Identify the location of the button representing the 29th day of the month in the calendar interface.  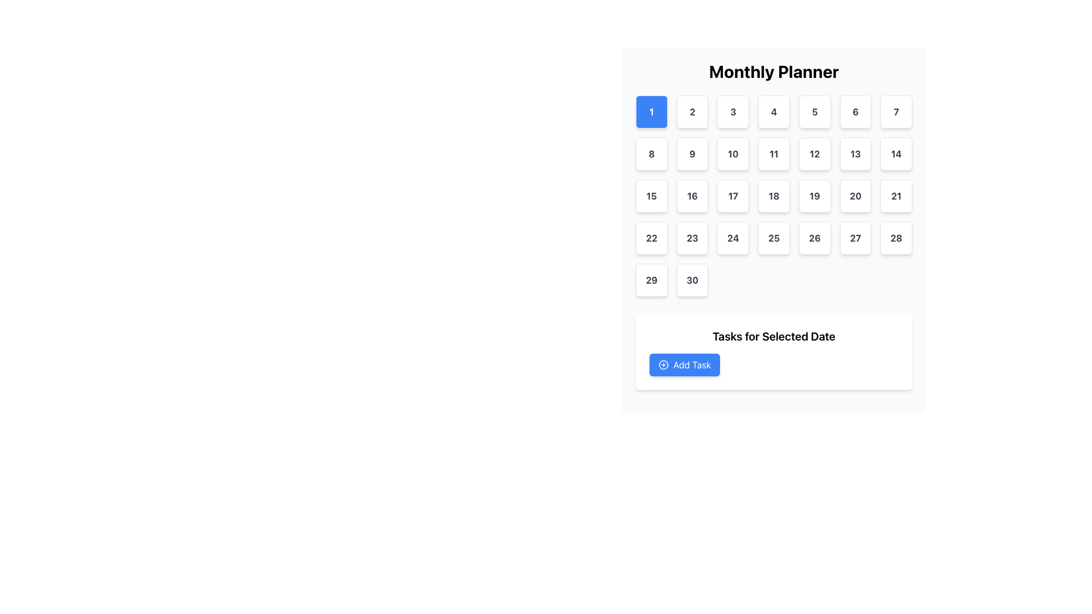
(651, 280).